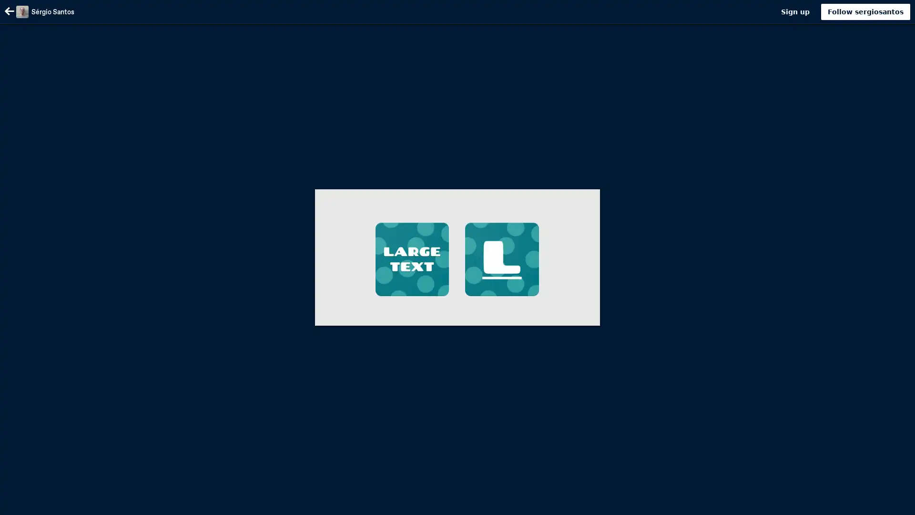 The width and height of the screenshot is (915, 515). What do you see at coordinates (896, 504) in the screenshot?
I see `Scroll to top` at bounding box center [896, 504].